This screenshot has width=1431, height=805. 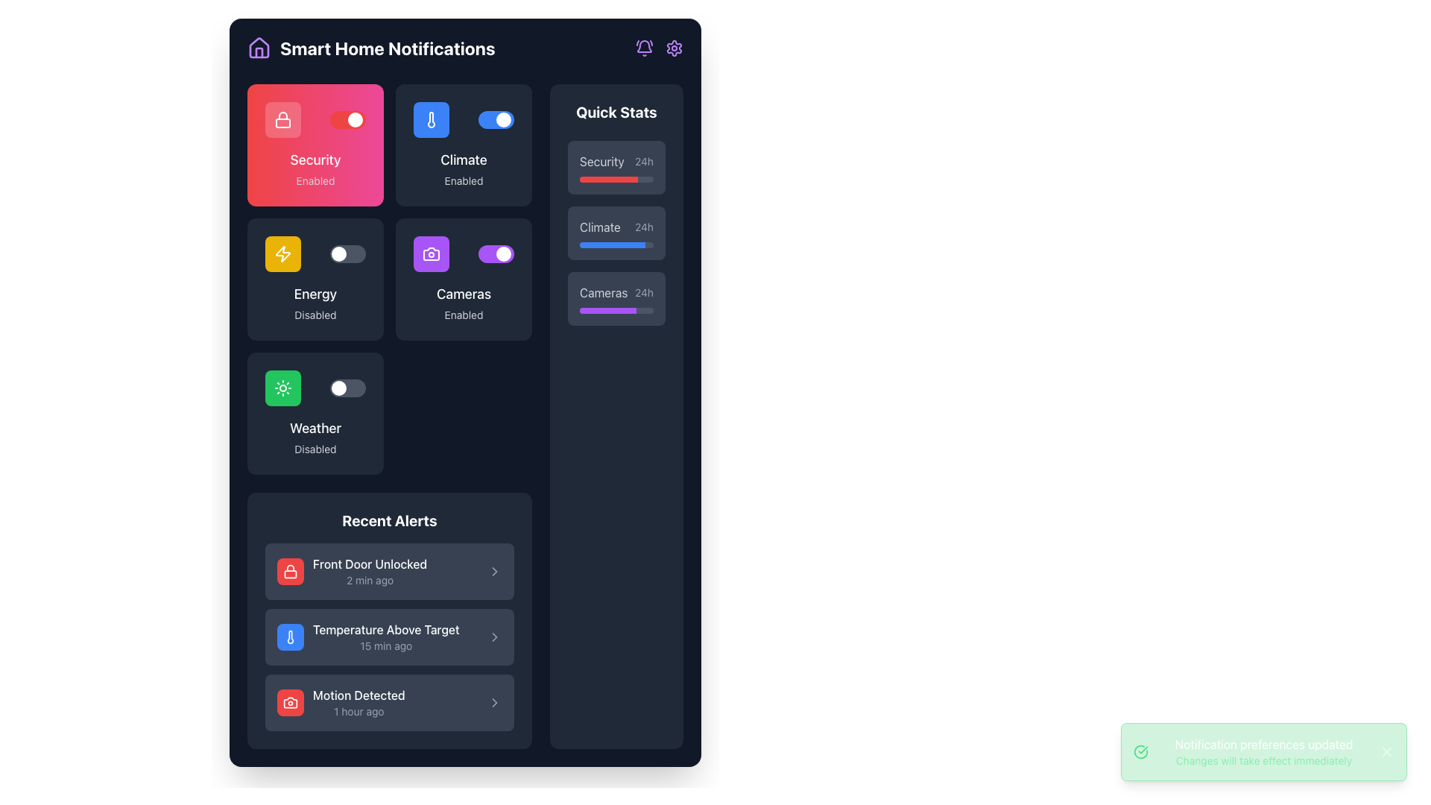 I want to click on the Information block with a progress bar located in the 'Quick Stats' panel, which visually represents the 24-hour status summary for the Climate system, so click(x=616, y=233).